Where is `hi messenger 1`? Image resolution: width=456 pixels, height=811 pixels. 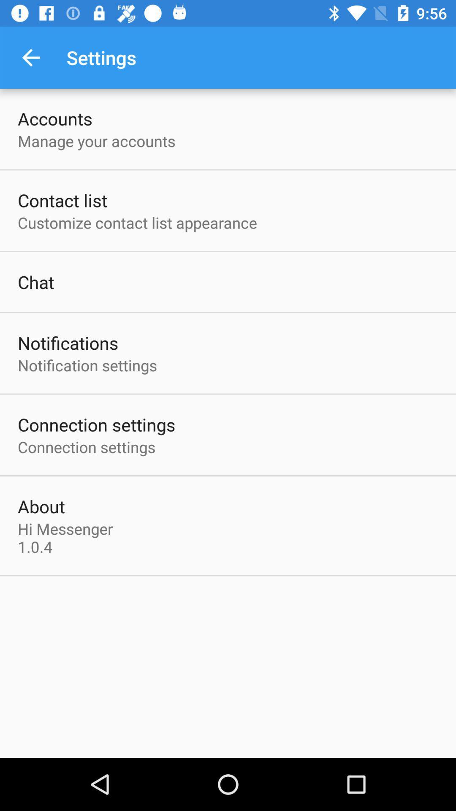 hi messenger 1 is located at coordinates (67, 537).